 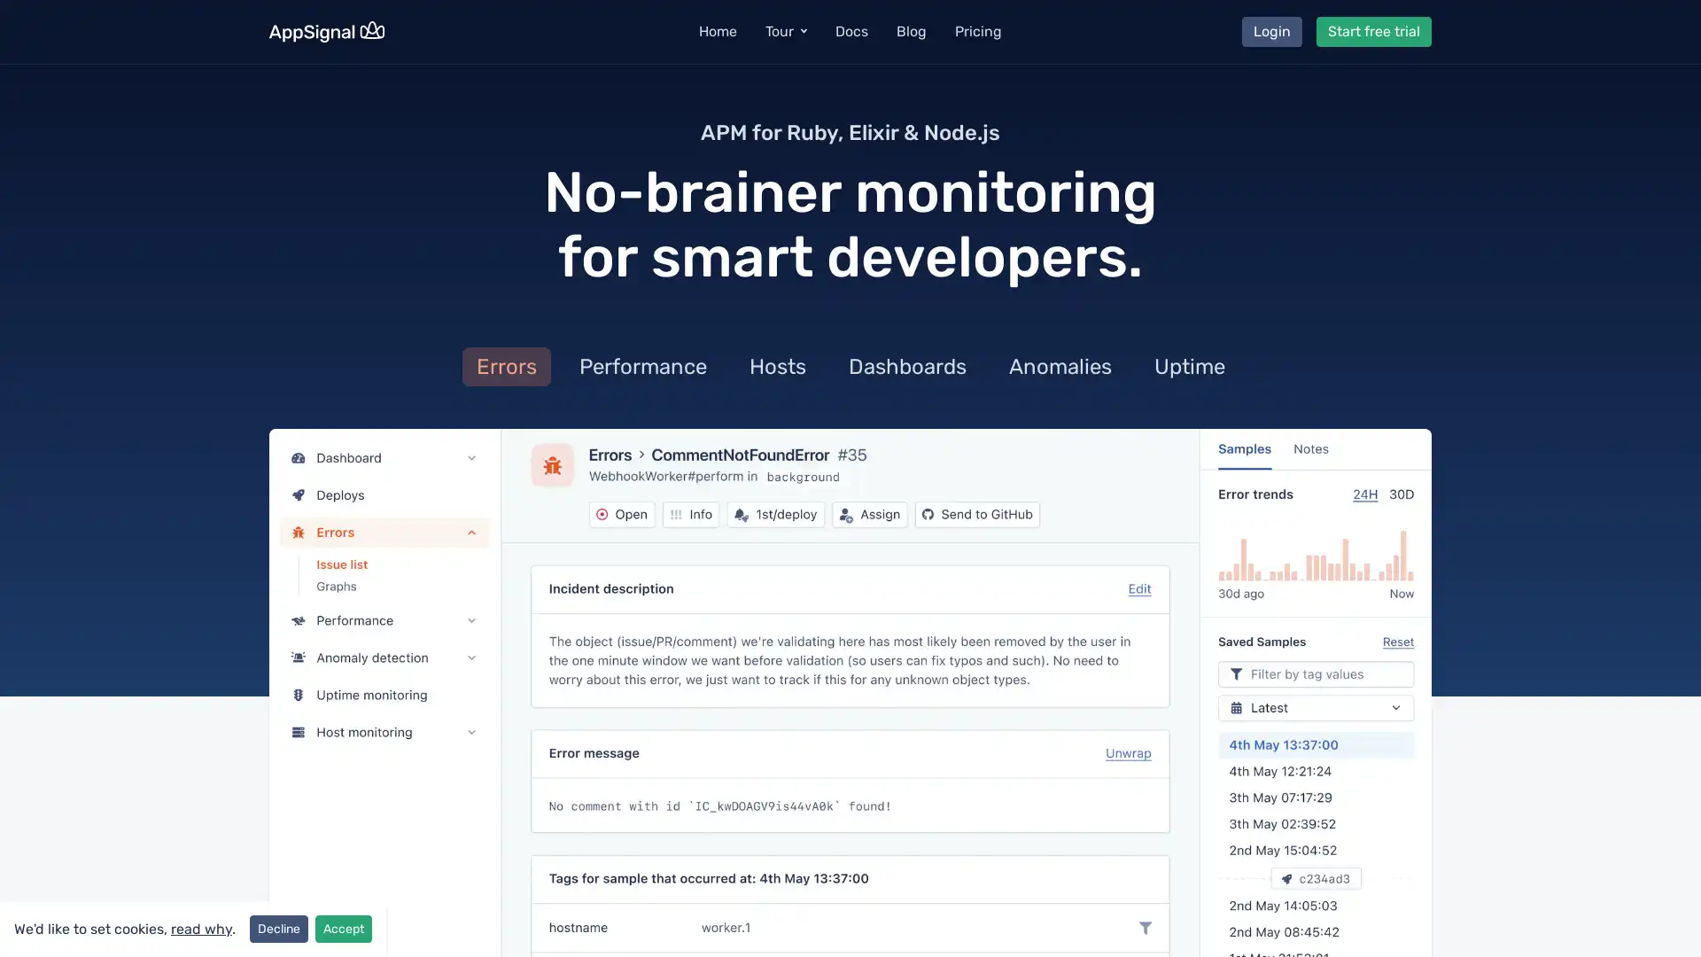 What do you see at coordinates (278, 928) in the screenshot?
I see `Decline` at bounding box center [278, 928].